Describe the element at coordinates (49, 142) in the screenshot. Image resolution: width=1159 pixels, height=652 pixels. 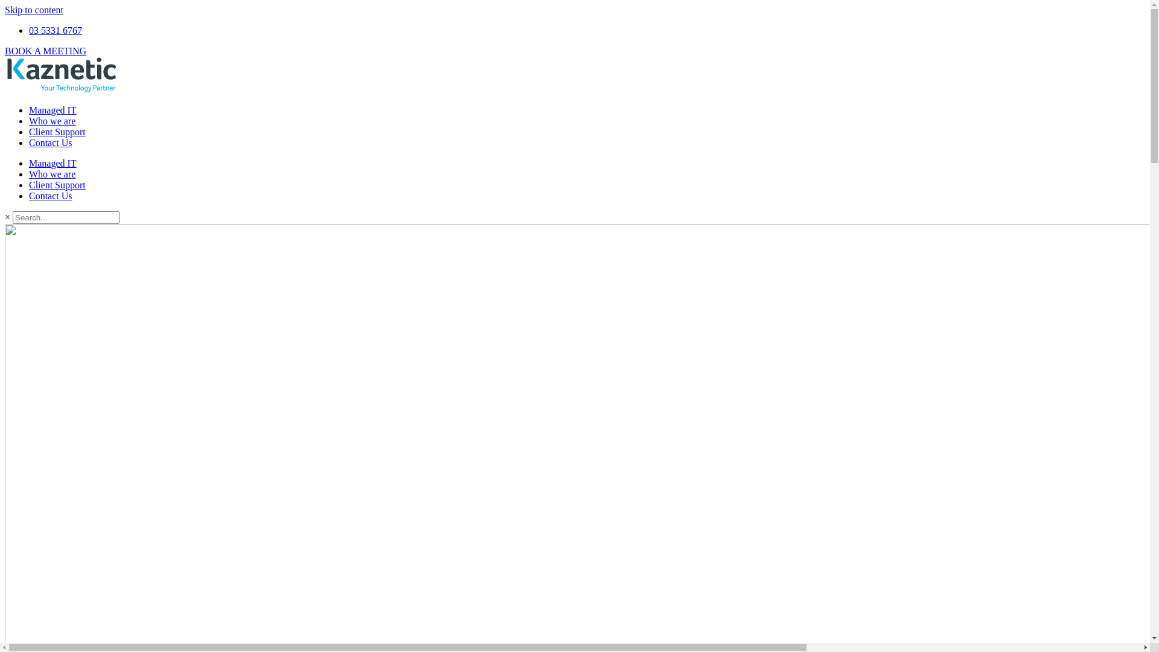
I see `'Contact Us'` at that location.